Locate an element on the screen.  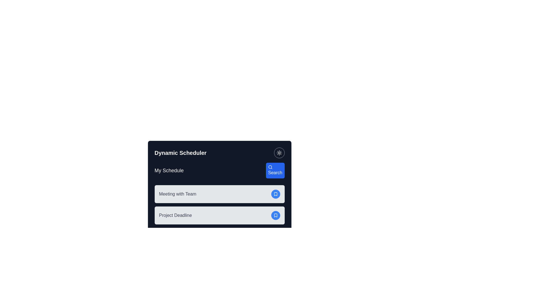
the icon located to the far right of the 'Meeting with Team' list item in the schedule list under the 'Dynamic Scheduler' heading is located at coordinates (275, 215).